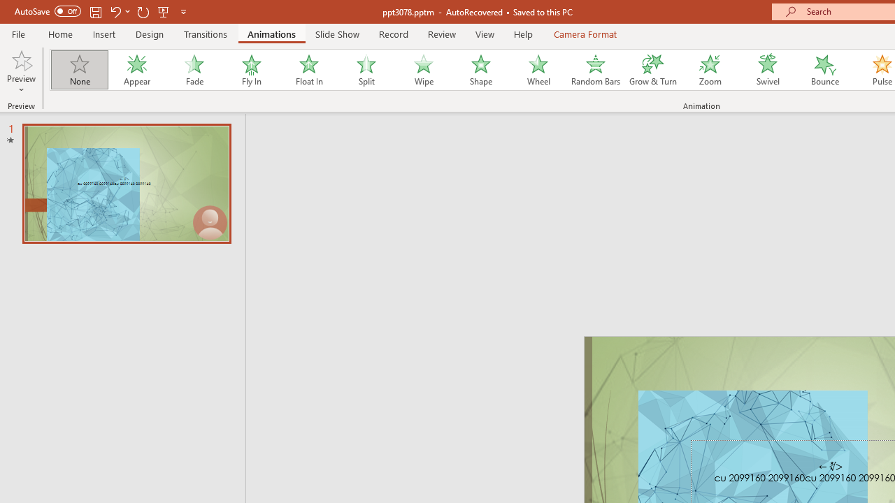  What do you see at coordinates (585, 34) in the screenshot?
I see `'Camera Format'` at bounding box center [585, 34].